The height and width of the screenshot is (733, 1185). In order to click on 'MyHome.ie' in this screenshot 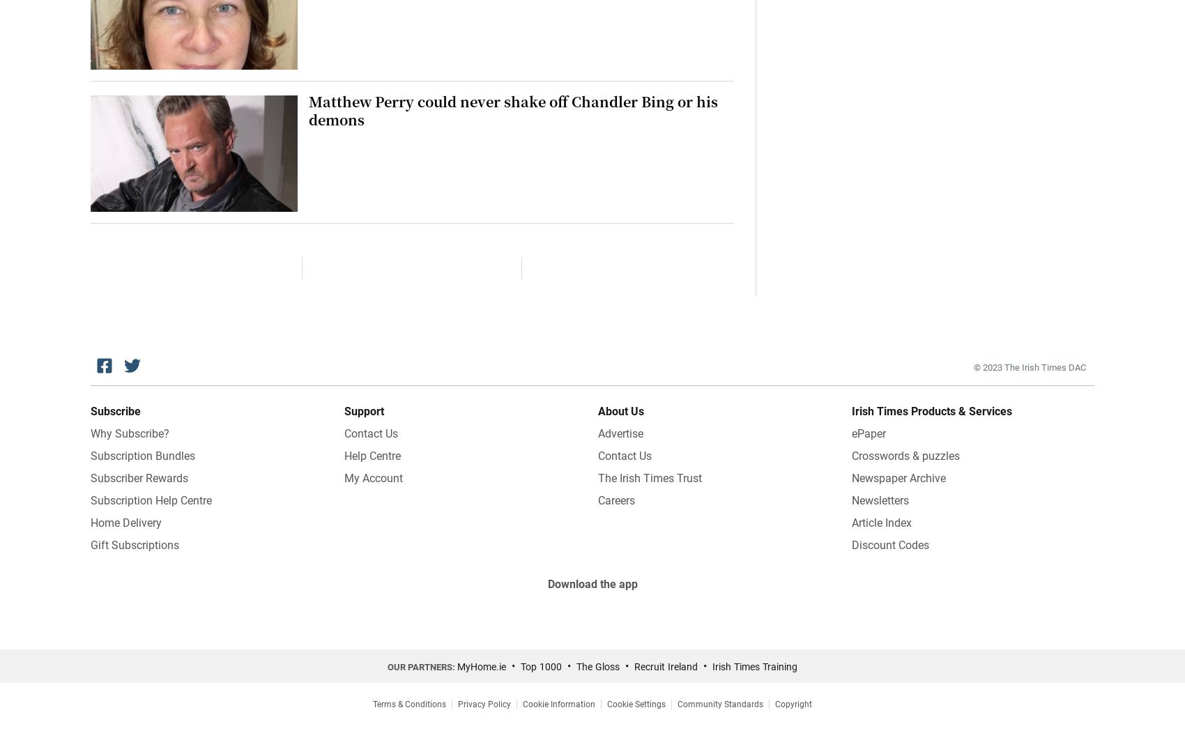, I will do `click(482, 666)`.